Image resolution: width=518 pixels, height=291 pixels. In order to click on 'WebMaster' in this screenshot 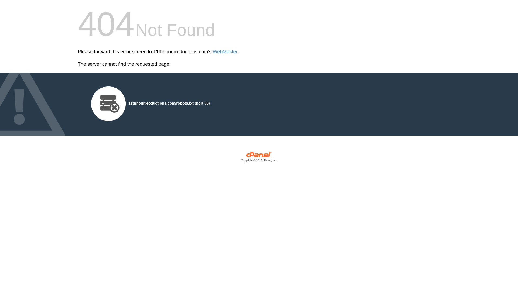, I will do `click(225, 52)`.